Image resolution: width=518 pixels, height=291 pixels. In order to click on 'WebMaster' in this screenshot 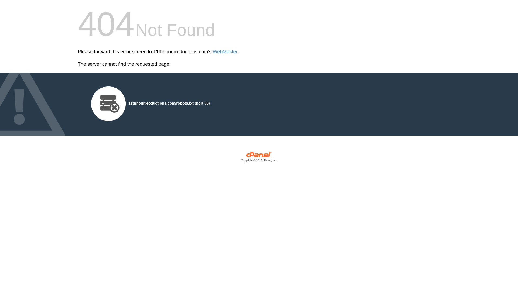, I will do `click(225, 52)`.